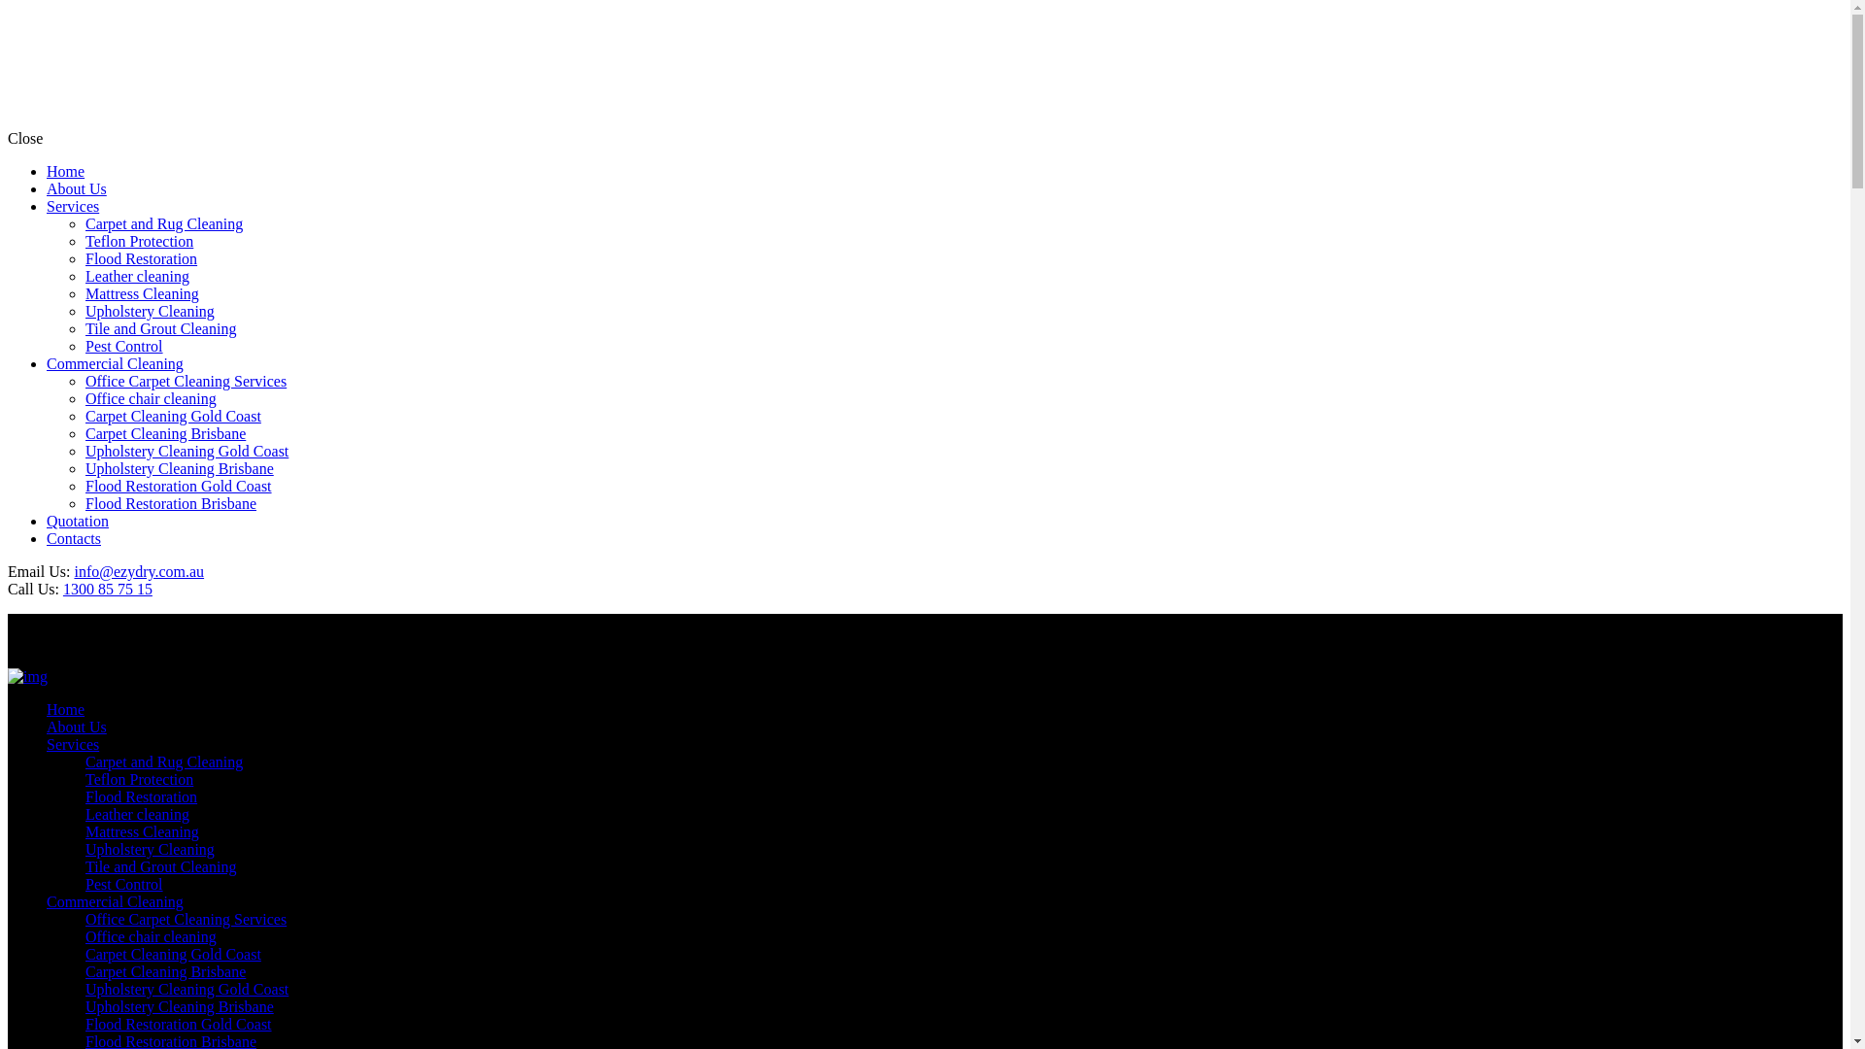 This screenshot has width=1865, height=1049. Describe the element at coordinates (63, 588) in the screenshot. I see `'1300 85 75 15'` at that location.